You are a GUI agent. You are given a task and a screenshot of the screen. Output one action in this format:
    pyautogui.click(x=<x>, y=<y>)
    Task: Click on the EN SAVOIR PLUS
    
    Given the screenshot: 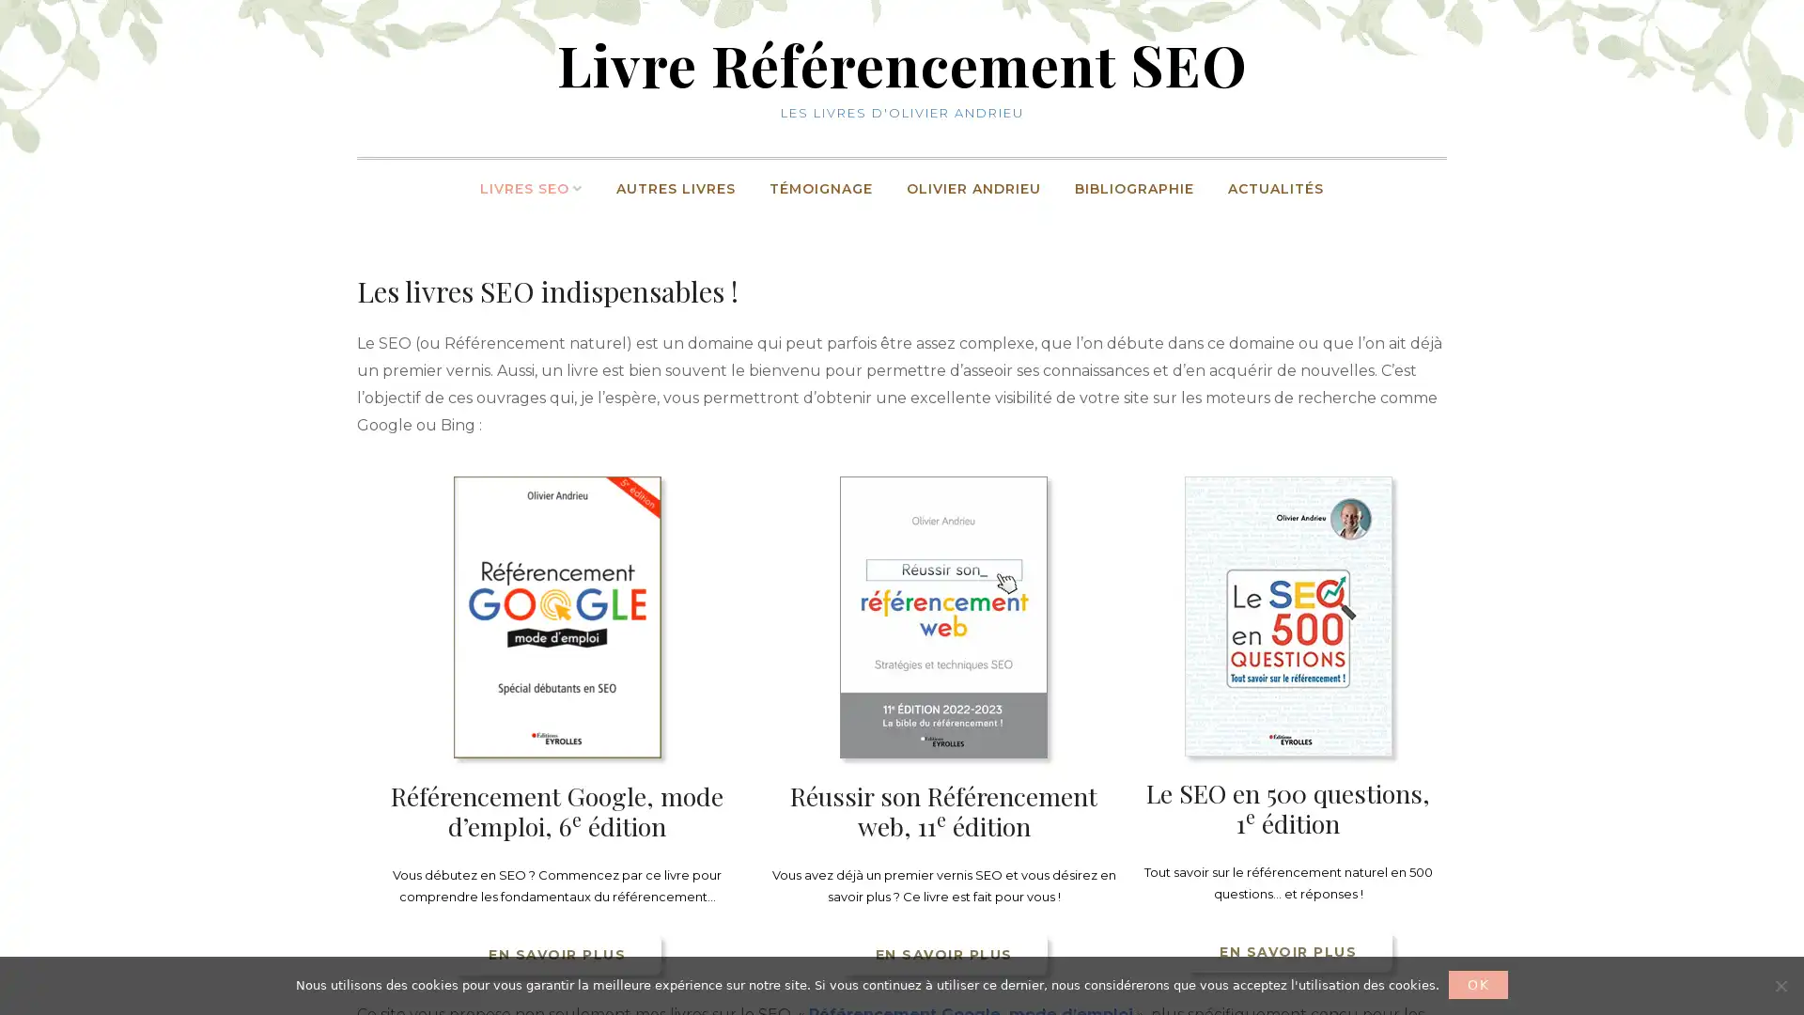 What is the action you would take?
    pyautogui.click(x=555, y=953)
    